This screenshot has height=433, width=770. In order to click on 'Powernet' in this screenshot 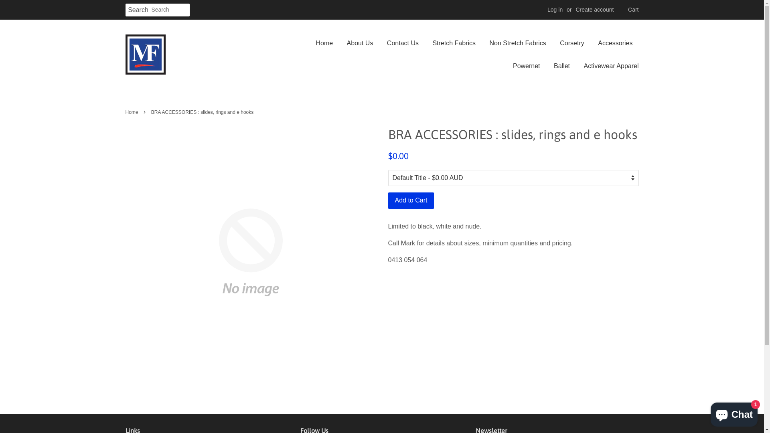, I will do `click(527, 65)`.